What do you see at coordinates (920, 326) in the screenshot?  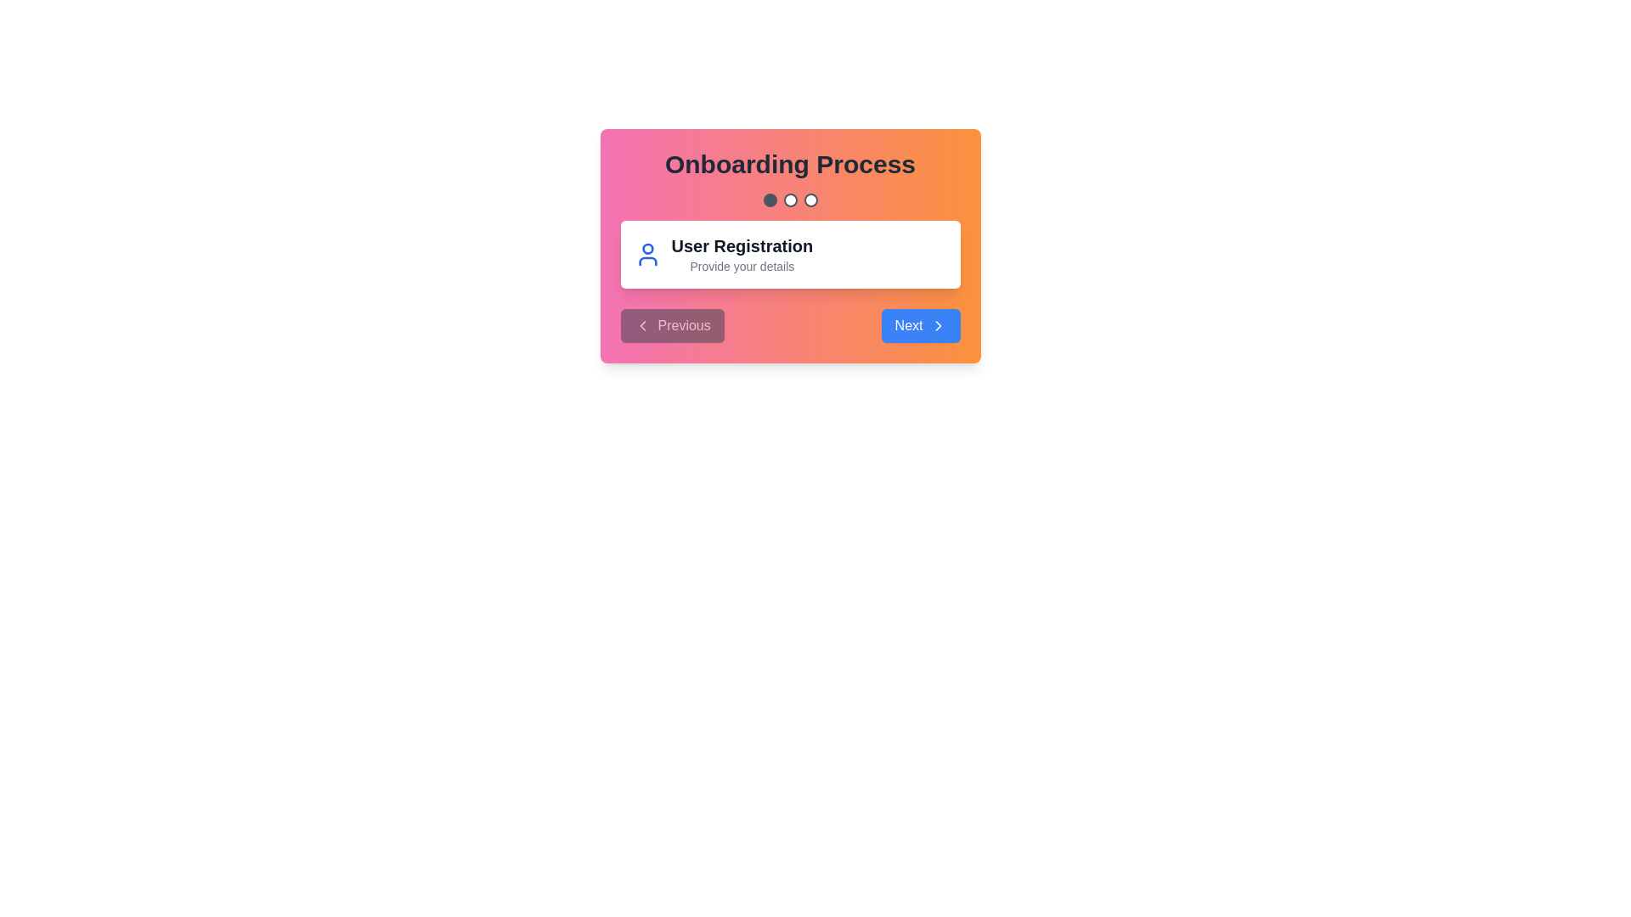 I see `the button located at the bottom-right of the 'Onboarding Process' card` at bounding box center [920, 326].